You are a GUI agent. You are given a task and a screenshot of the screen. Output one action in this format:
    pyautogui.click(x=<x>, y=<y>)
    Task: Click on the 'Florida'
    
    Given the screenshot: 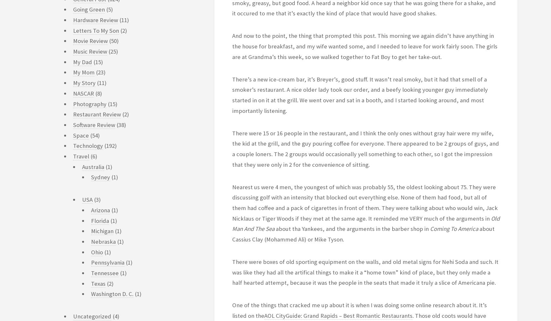 What is the action you would take?
    pyautogui.click(x=100, y=220)
    